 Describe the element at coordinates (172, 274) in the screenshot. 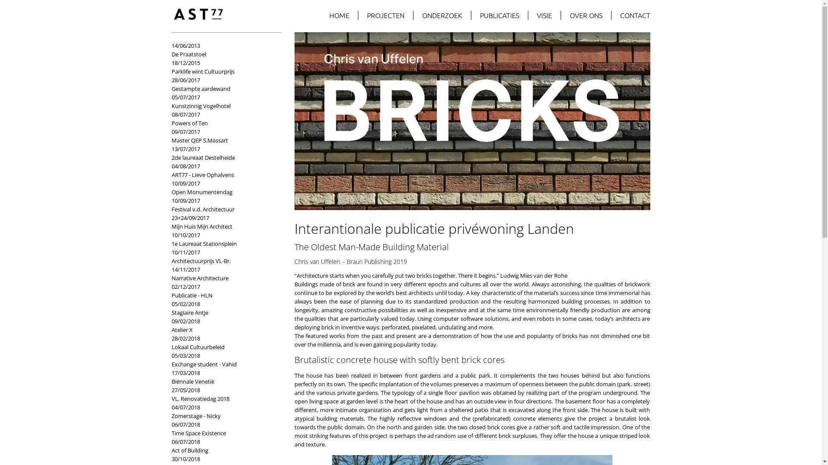

I see `'14/11/2017` at that location.